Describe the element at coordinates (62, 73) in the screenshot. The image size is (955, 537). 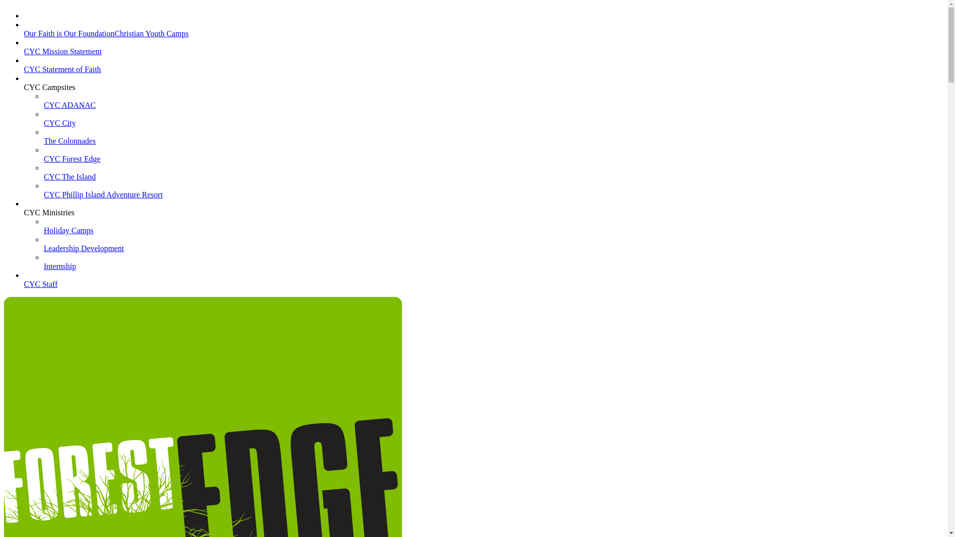
I see `'CYC Statement of Faith'` at that location.